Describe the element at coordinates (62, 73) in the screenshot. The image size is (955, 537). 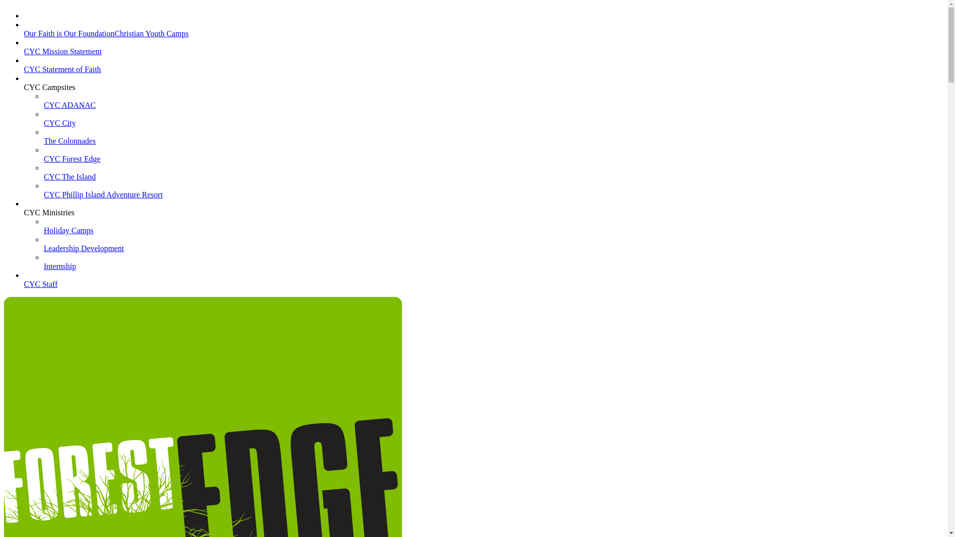
I see `'CYC Statement of Faith'` at that location.